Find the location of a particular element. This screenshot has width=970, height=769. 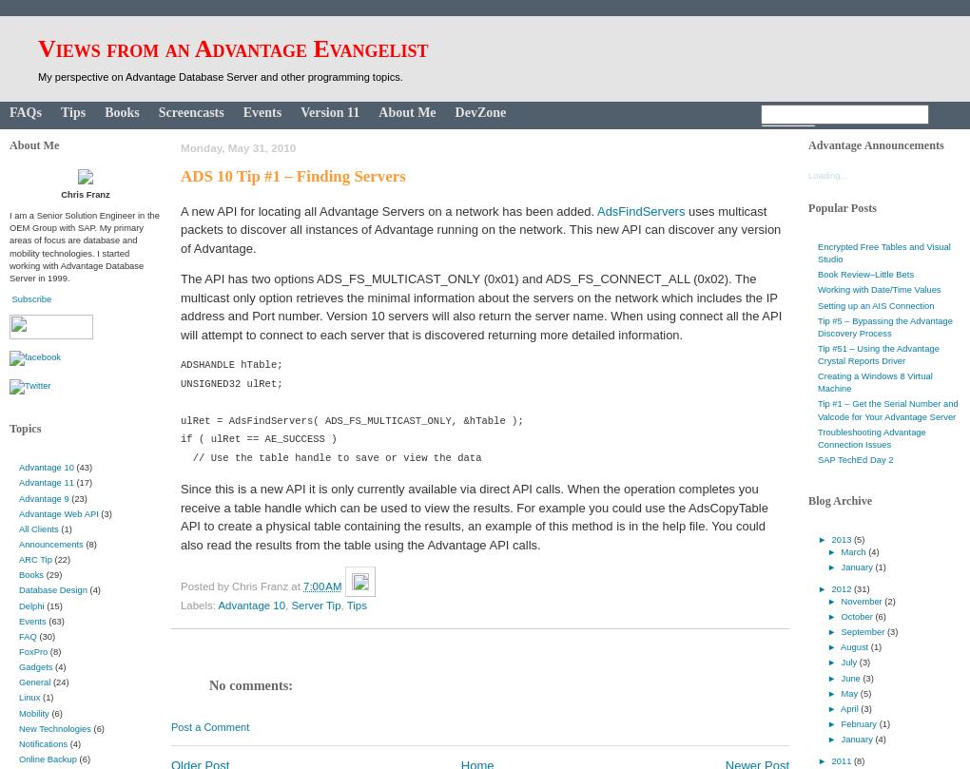

'2013' is located at coordinates (841, 538).